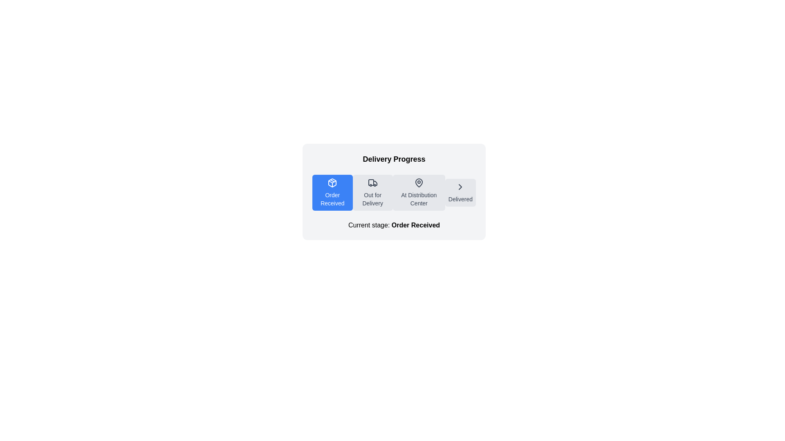 The height and width of the screenshot is (441, 785). What do you see at coordinates (372, 199) in the screenshot?
I see `the 'Out for Delivery' static text label, which indicates the current status of the delivery process and is positioned between 'Order Received' and 'At Distribution Center'` at bounding box center [372, 199].